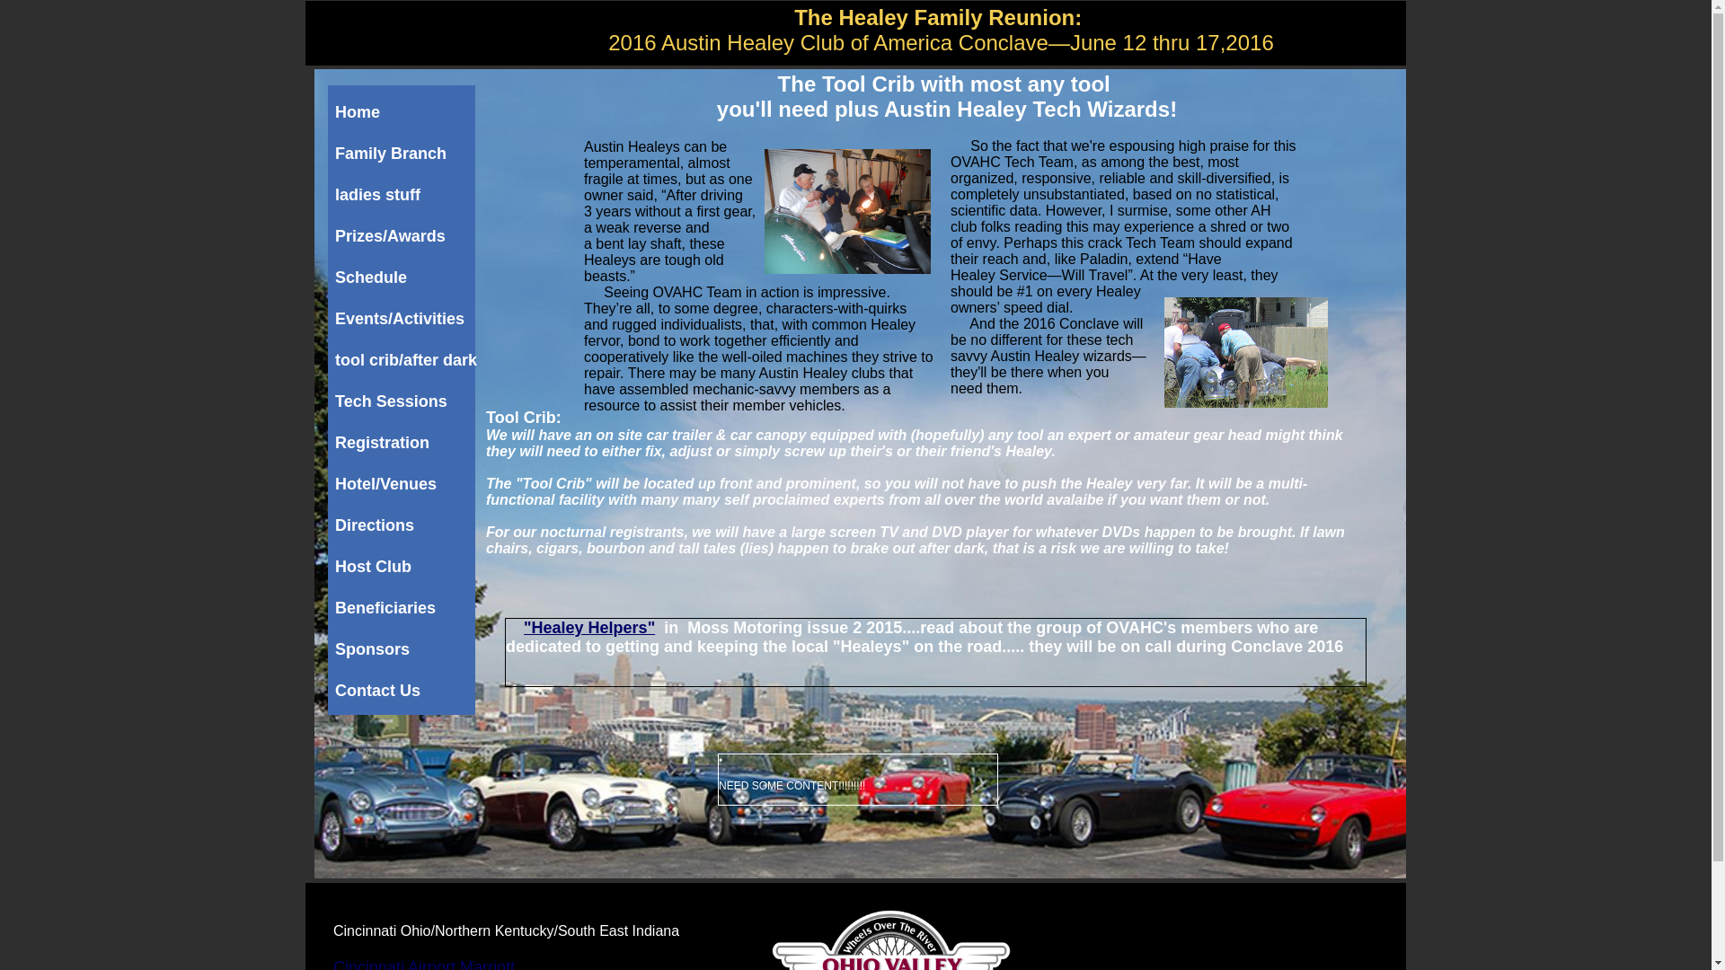 The width and height of the screenshot is (1725, 970). Describe the element at coordinates (404, 401) in the screenshot. I see `'Tech Sessions'` at that location.